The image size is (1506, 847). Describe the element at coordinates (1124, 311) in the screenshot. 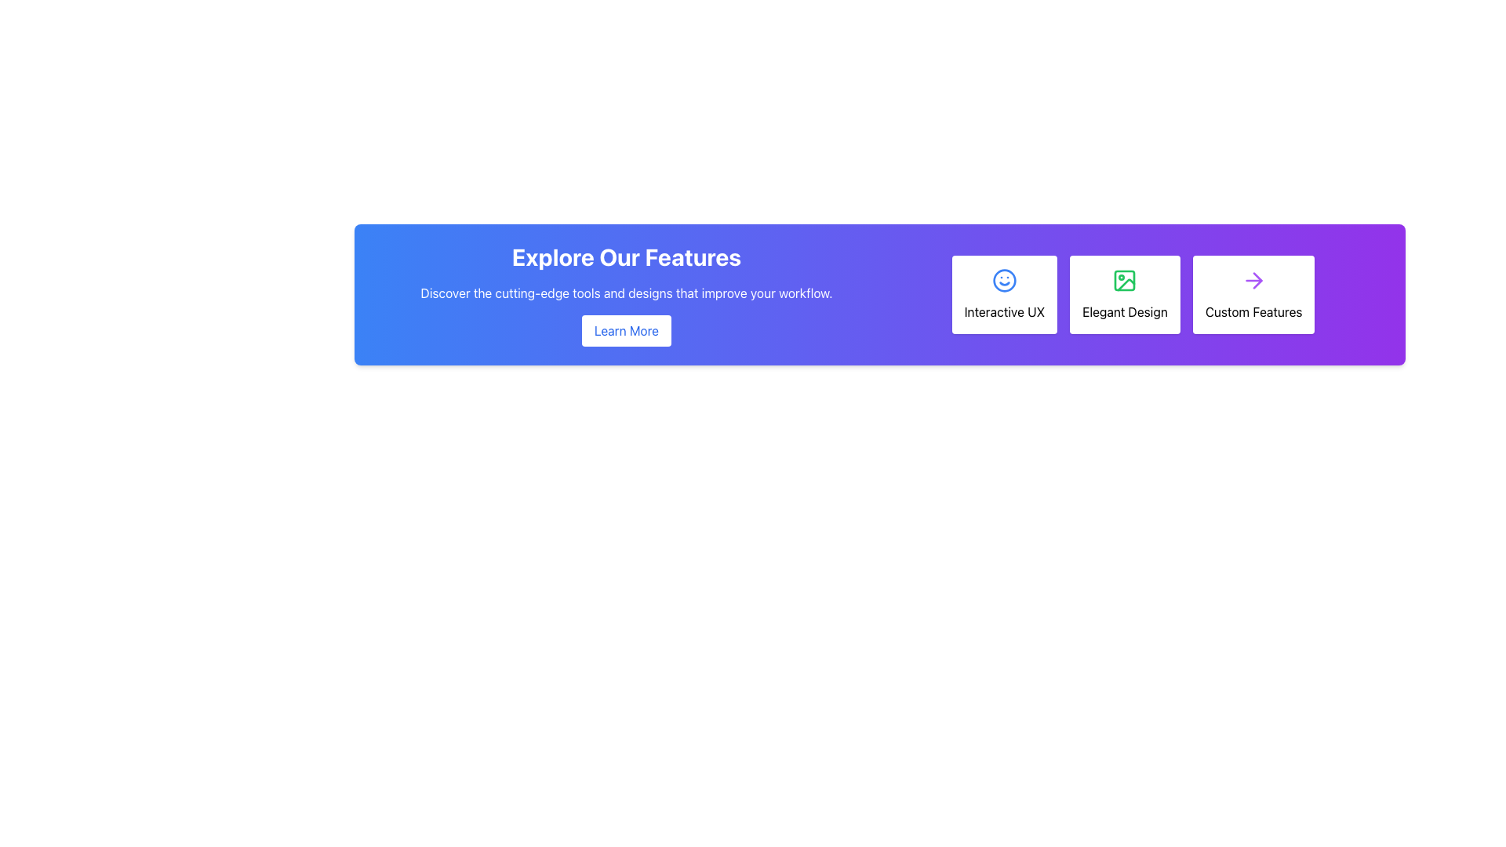

I see `the text label displaying 'Elegant Design' located at the bottom center of the second card under the purple section titled 'Explore Our Features'` at that location.